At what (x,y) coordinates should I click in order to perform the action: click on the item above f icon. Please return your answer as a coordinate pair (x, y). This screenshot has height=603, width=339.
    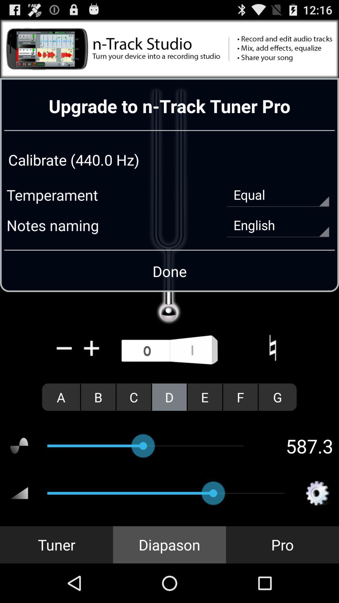
    Looking at the image, I should click on (272, 348).